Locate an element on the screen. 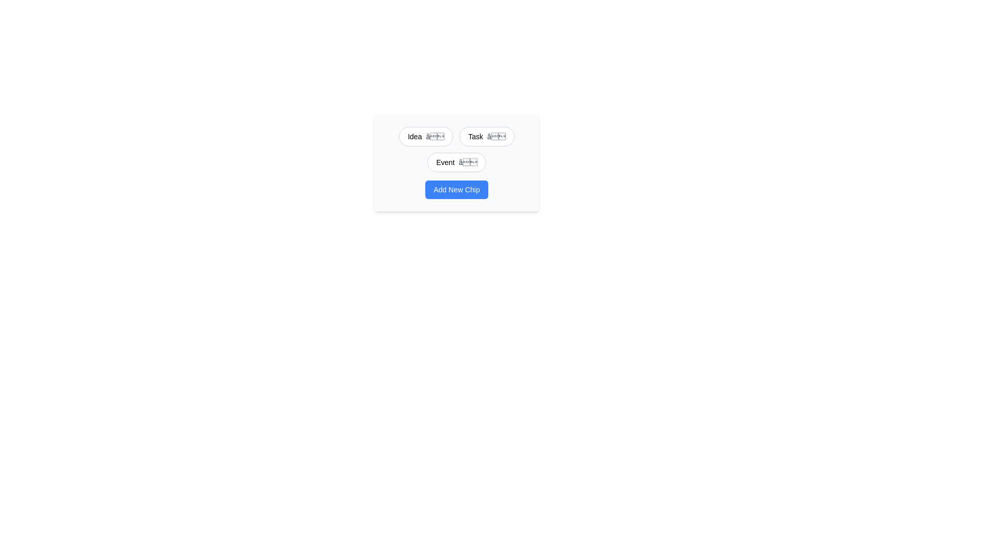 The image size is (991, 557). close button of the chip labeled 'Idea' to remove it is located at coordinates (435, 136).